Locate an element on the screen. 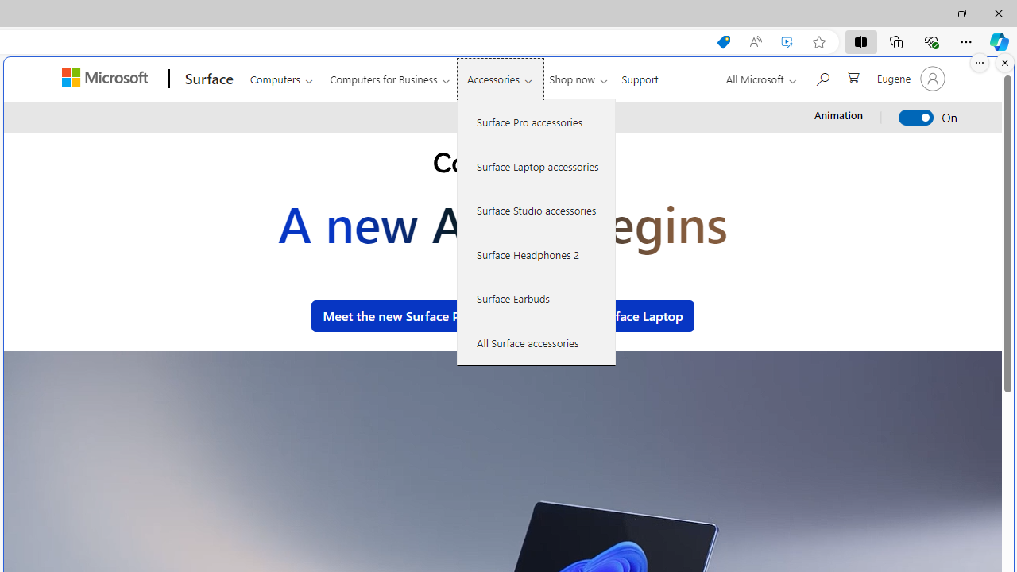 This screenshot has width=1017, height=572. 'Surface Studio accessories' is located at coordinates (536, 209).